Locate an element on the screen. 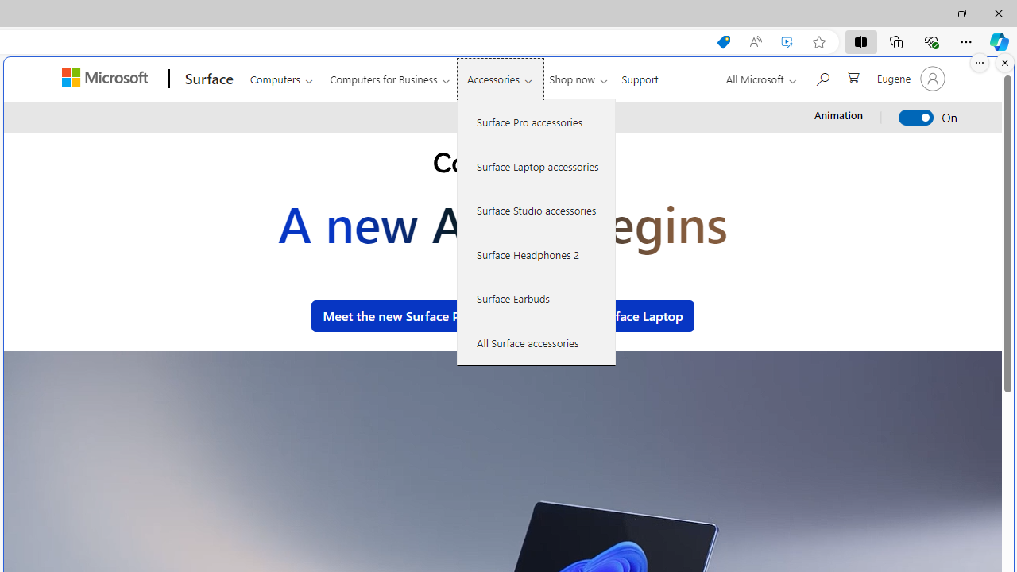 This screenshot has width=1017, height=572. 'Surface Studio accessories' is located at coordinates (536, 209).